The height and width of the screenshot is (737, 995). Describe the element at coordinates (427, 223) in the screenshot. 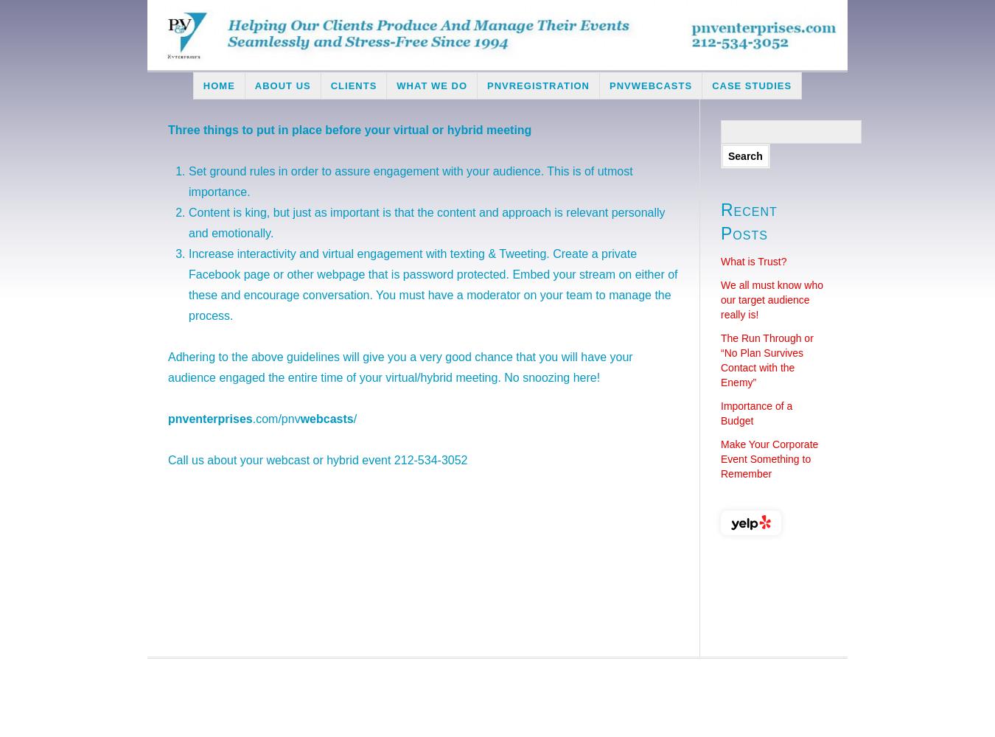

I see `'Content is king, but just as important is that the content and approach is relevant personally and emotionally.'` at that location.